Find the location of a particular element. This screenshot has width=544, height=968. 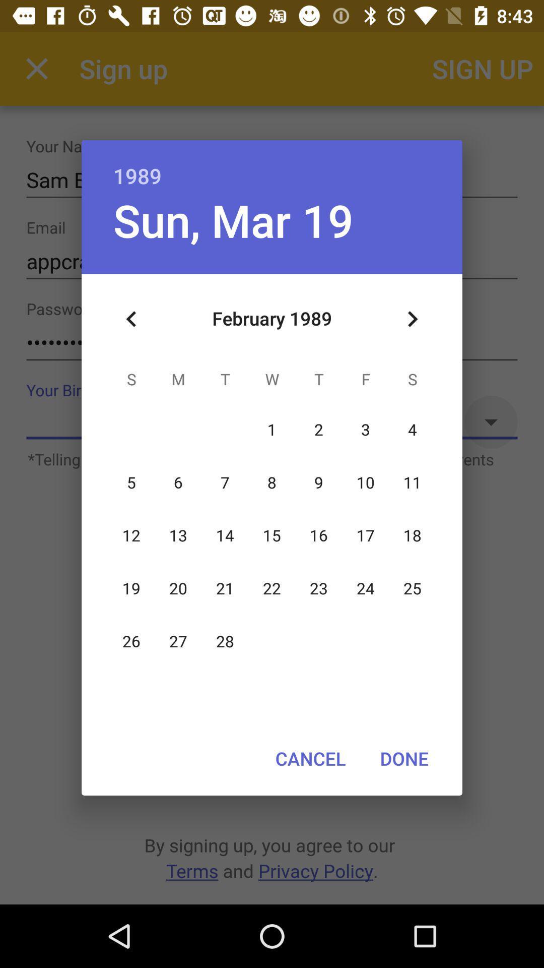

the cancel is located at coordinates (310, 758).